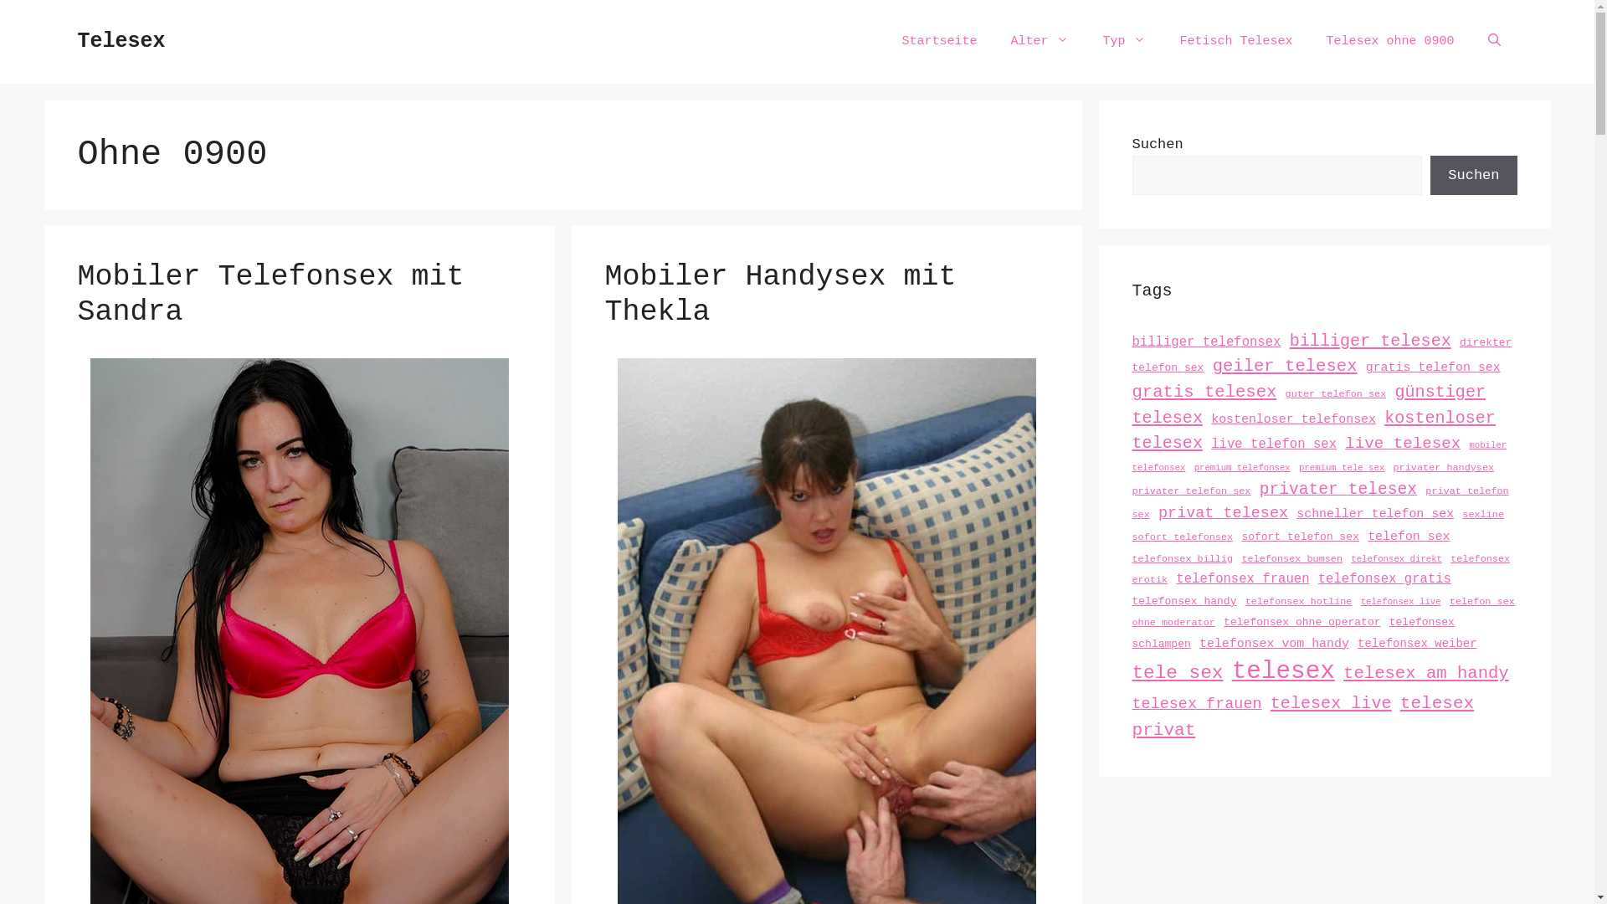 This screenshot has width=1607, height=904. I want to click on 'telefonsex billig', so click(1132, 558).